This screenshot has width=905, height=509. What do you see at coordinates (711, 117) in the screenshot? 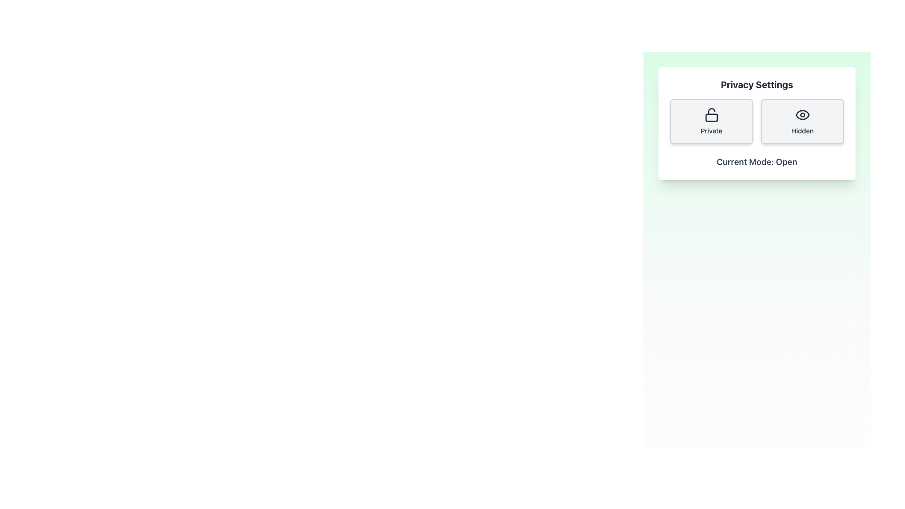
I see `the lock icon representing the 'Private' option in the privacy settings section, located to the left of the 'Hidden' icon` at bounding box center [711, 117].